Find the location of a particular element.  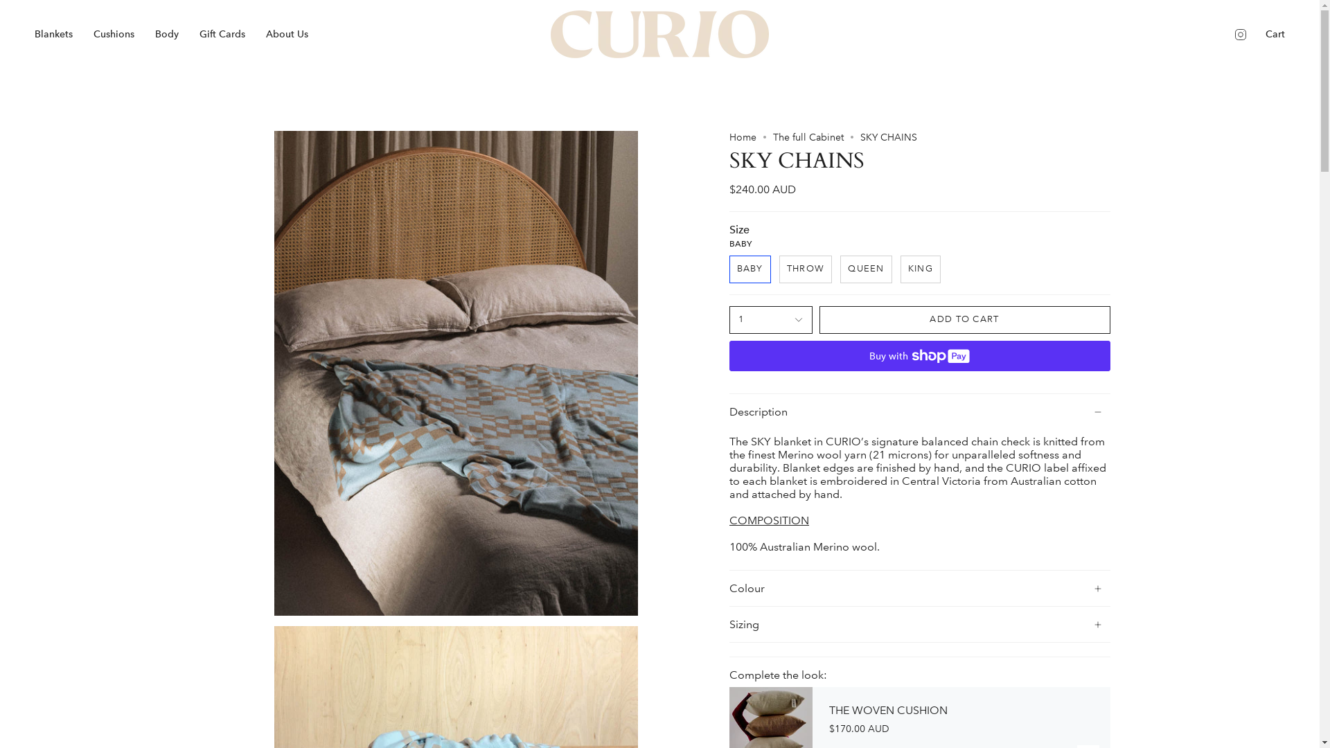

'Gift Cards' is located at coordinates (222, 33).